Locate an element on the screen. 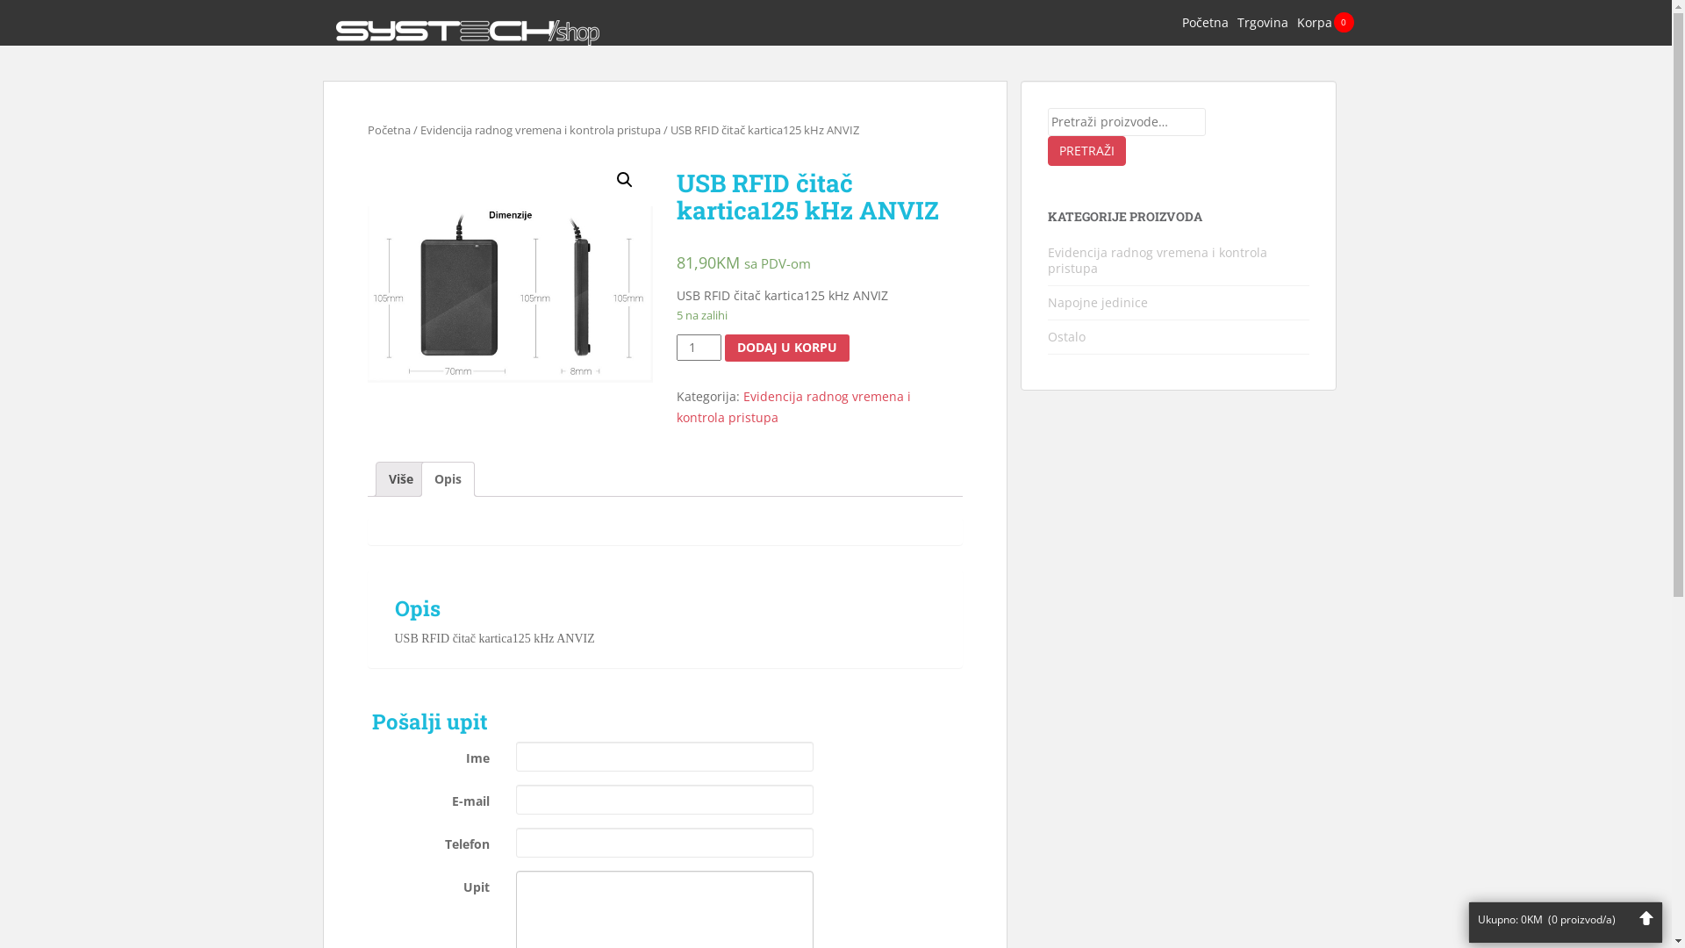 This screenshot has width=1685, height=948. 'Korpa' is located at coordinates (1314, 22).